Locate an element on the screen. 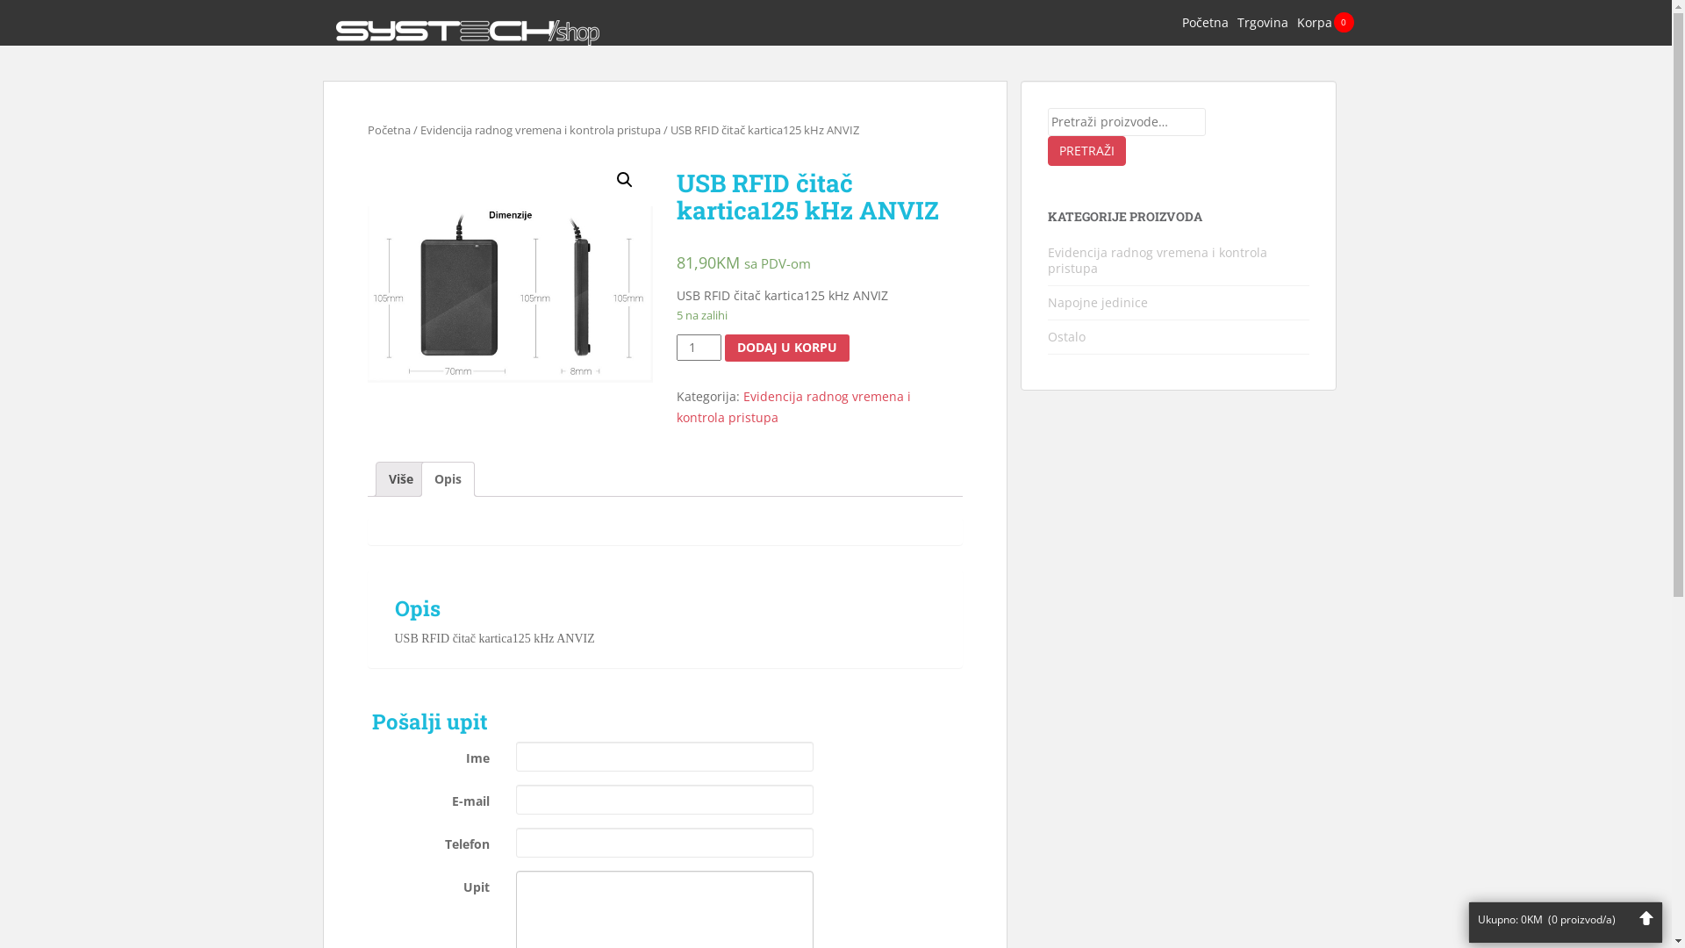 This screenshot has width=1685, height=948. 'Korpa' is located at coordinates (1314, 22).